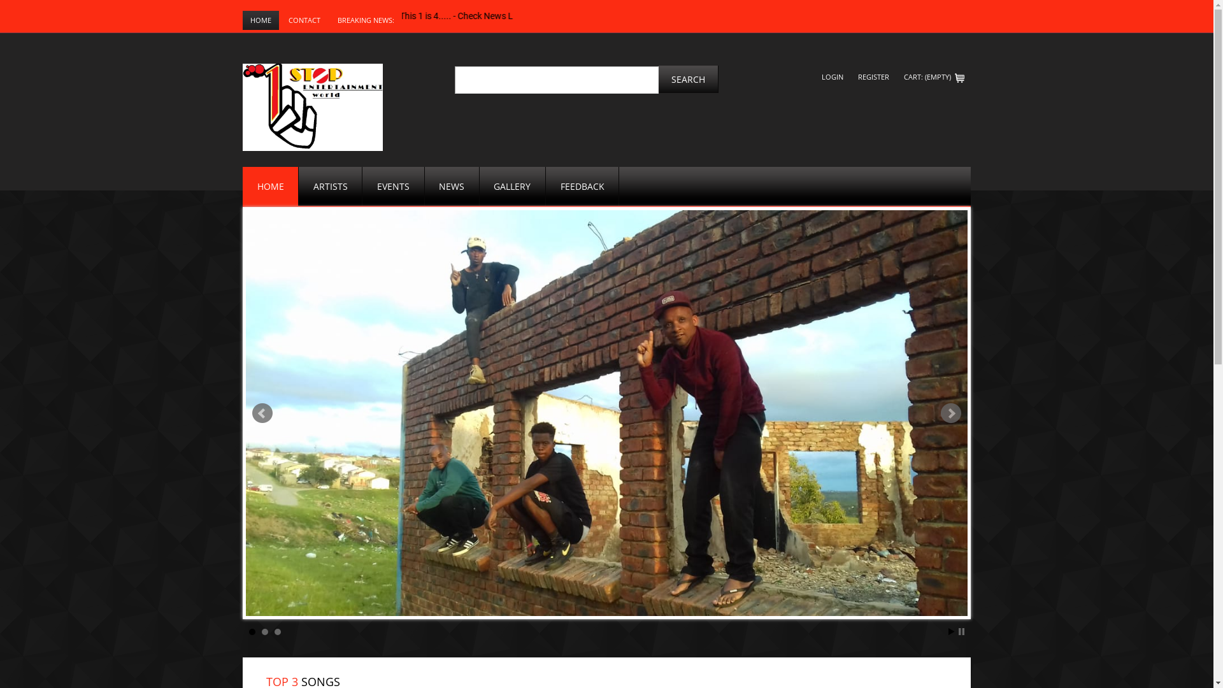 This screenshot has height=688, width=1223. What do you see at coordinates (277, 631) in the screenshot?
I see `'3'` at bounding box center [277, 631].